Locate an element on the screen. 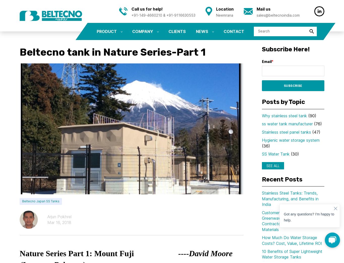 This screenshot has height=263, width=344. 'Recent Posts' is located at coordinates (282, 179).